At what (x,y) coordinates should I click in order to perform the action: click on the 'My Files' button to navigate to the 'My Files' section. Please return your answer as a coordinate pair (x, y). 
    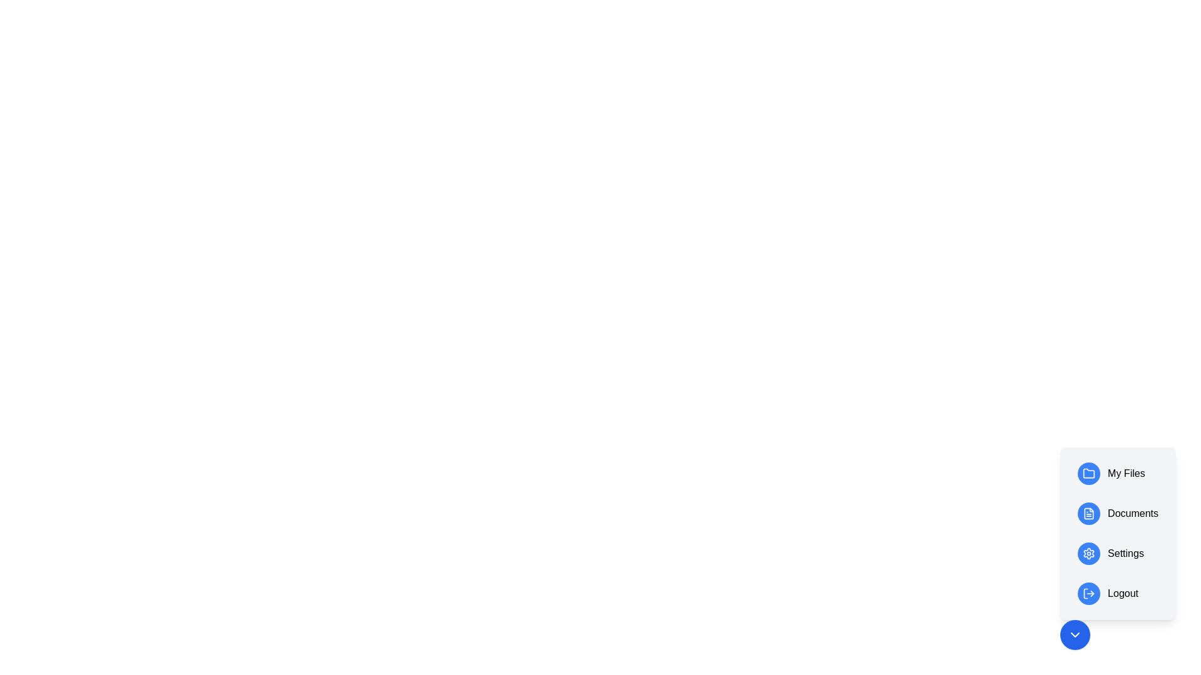
    Looking at the image, I should click on (1118, 474).